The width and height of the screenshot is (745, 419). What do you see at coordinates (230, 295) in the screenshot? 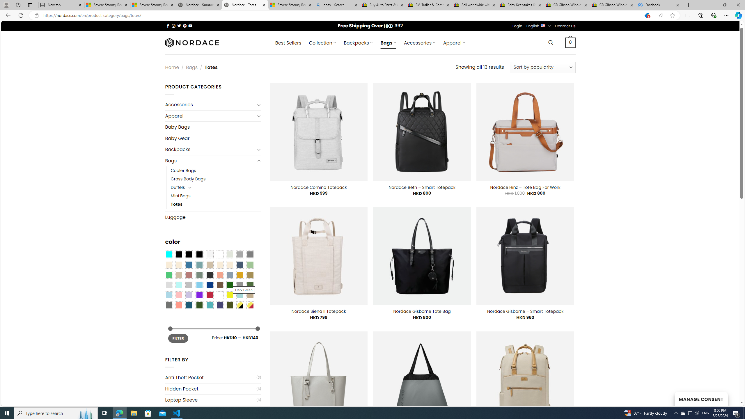
I see `'Yellow'` at bounding box center [230, 295].